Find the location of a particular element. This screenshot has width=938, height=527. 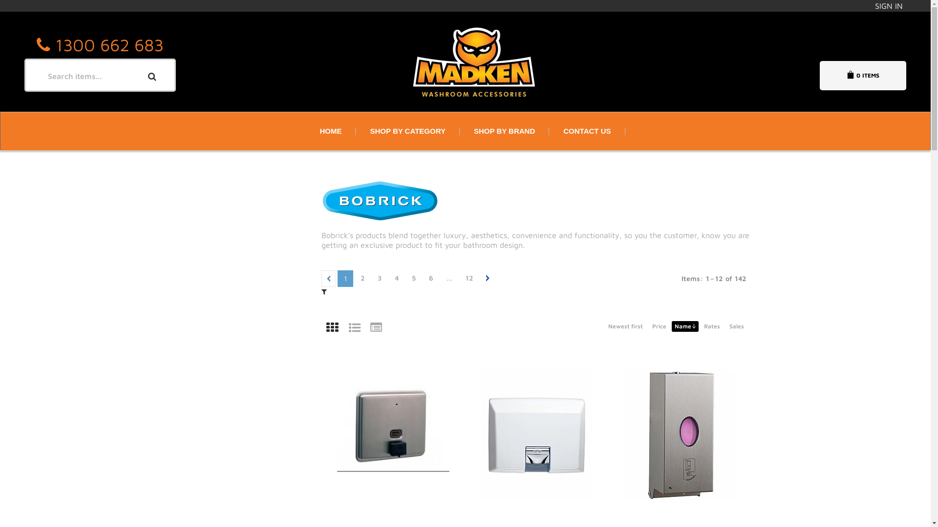

'Sales' is located at coordinates (736, 326).